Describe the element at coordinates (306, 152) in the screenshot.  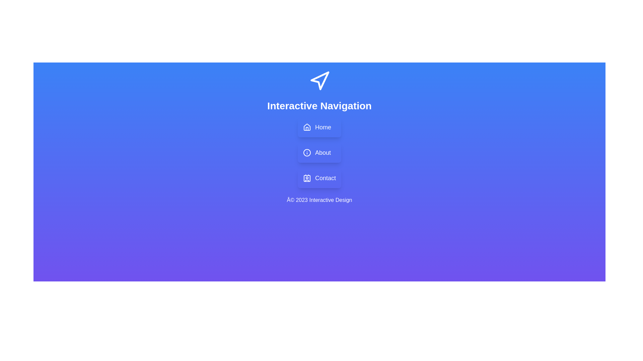
I see `the SVG circle within the 'About' button, which visually reinforces the label and is centrally located among sibling buttons like 'Home' and 'Contact'` at that location.